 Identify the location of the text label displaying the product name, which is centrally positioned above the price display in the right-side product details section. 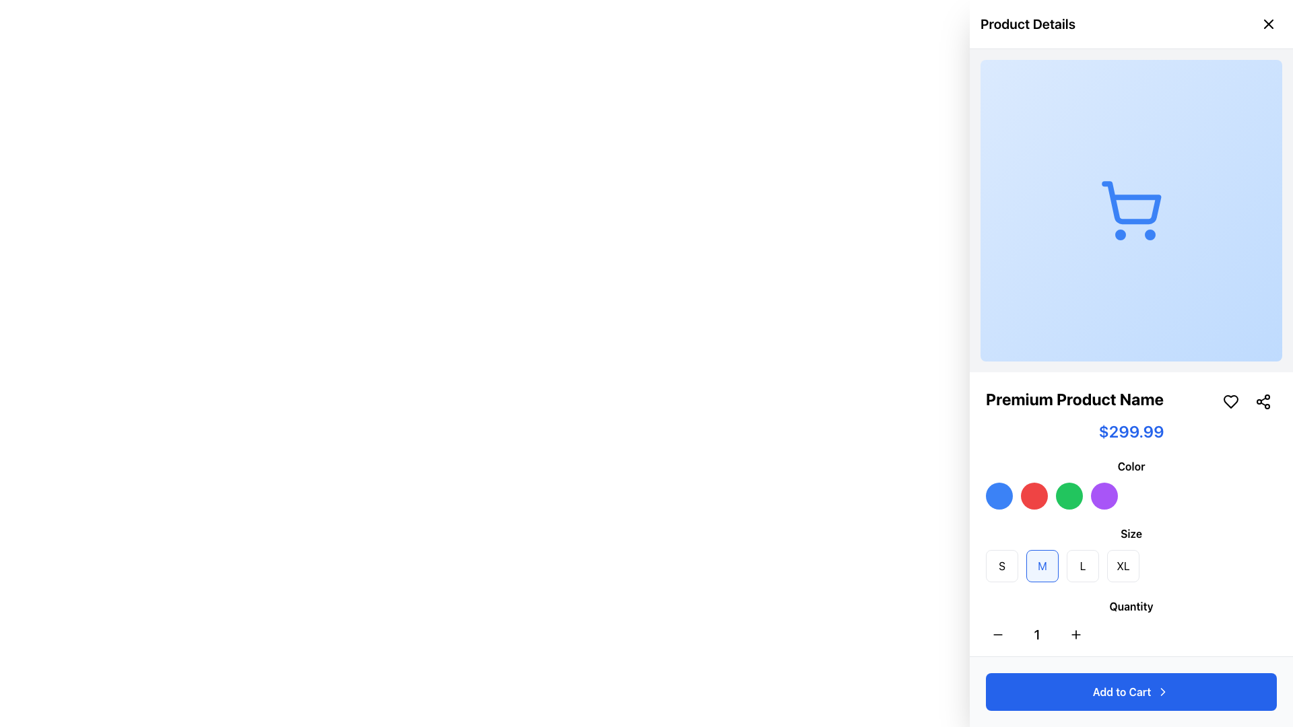
(1074, 399).